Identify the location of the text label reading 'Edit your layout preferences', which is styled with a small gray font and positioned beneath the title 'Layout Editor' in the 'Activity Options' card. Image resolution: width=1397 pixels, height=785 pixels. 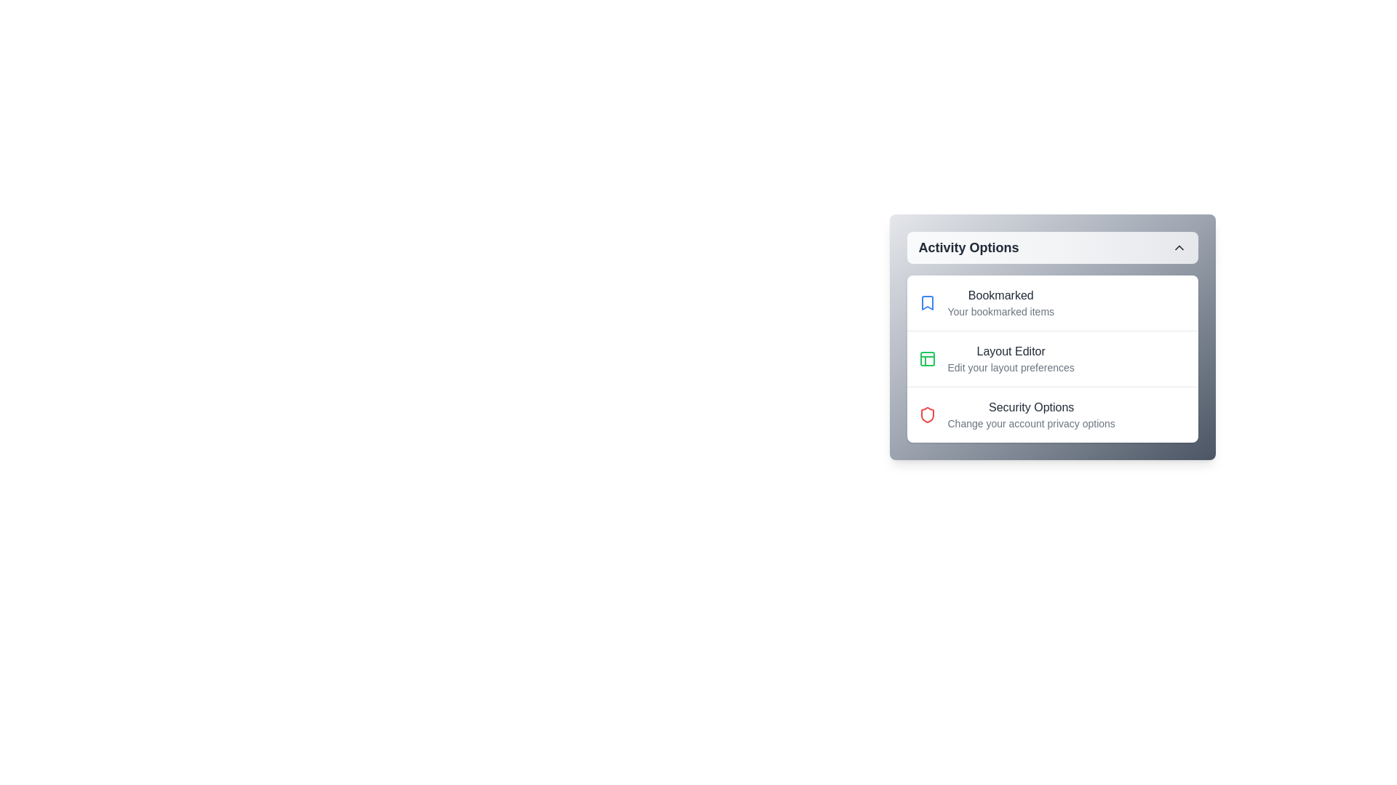
(1010, 366).